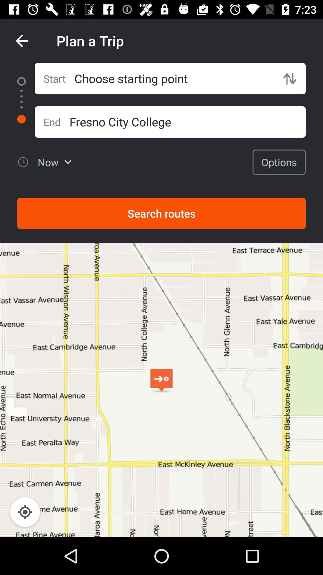 Image resolution: width=323 pixels, height=575 pixels. What do you see at coordinates (290, 78) in the screenshot?
I see `the swap icon` at bounding box center [290, 78].